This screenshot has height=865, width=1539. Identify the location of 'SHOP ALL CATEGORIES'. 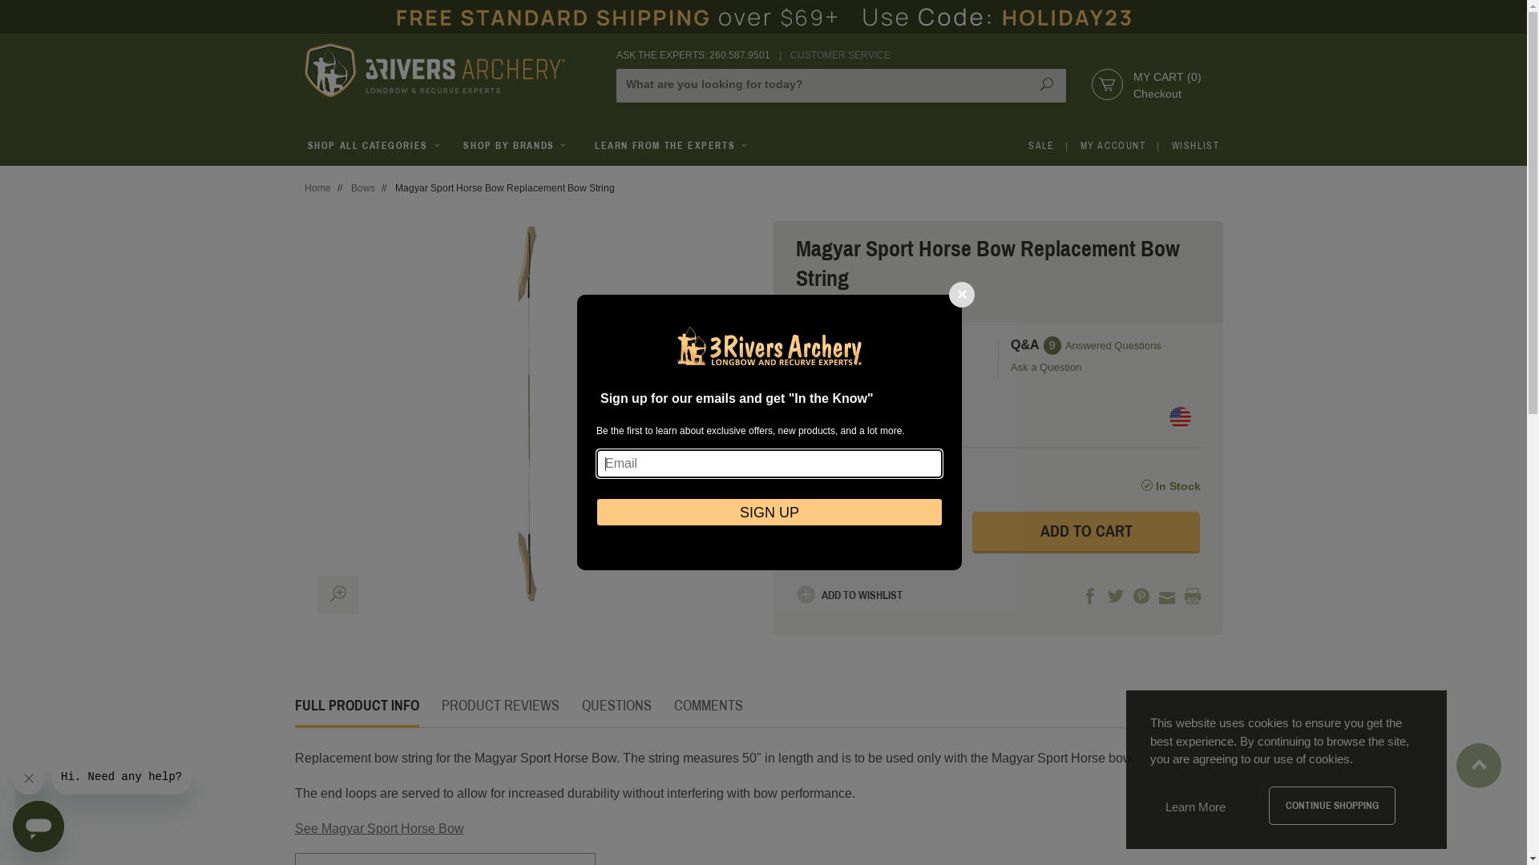
(295, 146).